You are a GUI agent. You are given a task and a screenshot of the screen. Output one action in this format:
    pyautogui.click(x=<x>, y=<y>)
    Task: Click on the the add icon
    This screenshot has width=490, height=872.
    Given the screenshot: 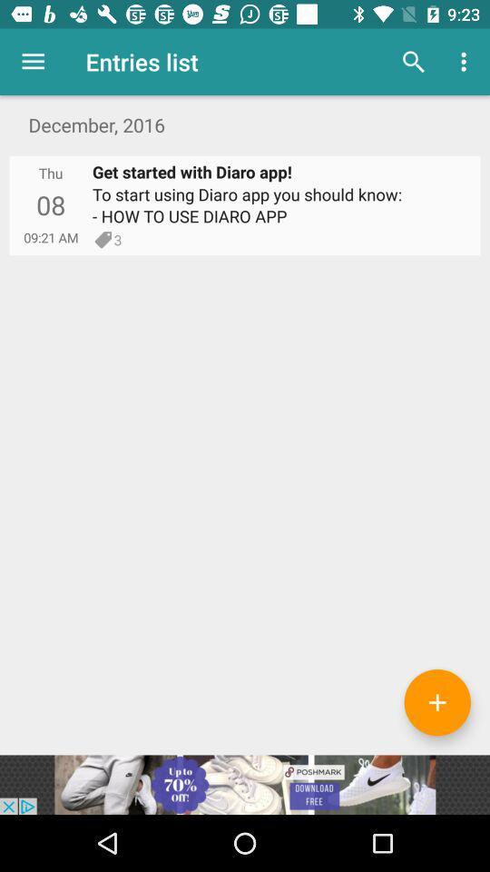 What is the action you would take?
    pyautogui.click(x=436, y=701)
    